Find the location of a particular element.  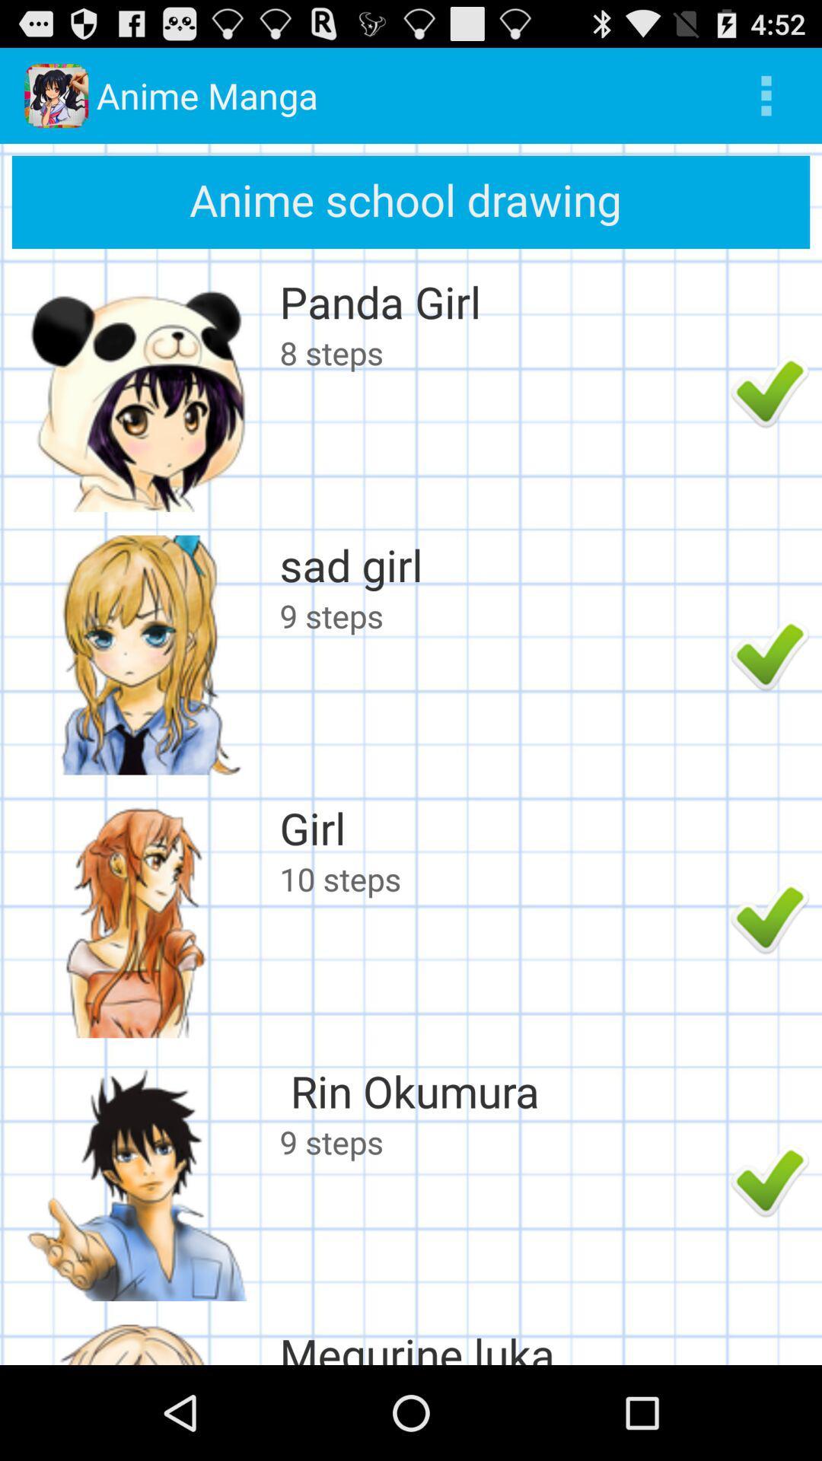

megurine luka item is located at coordinates (501, 1345).